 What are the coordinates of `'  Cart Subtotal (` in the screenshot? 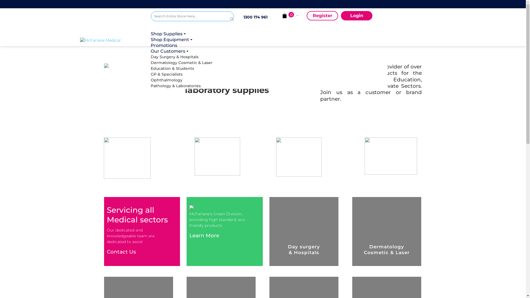 It's located at (288, 15).